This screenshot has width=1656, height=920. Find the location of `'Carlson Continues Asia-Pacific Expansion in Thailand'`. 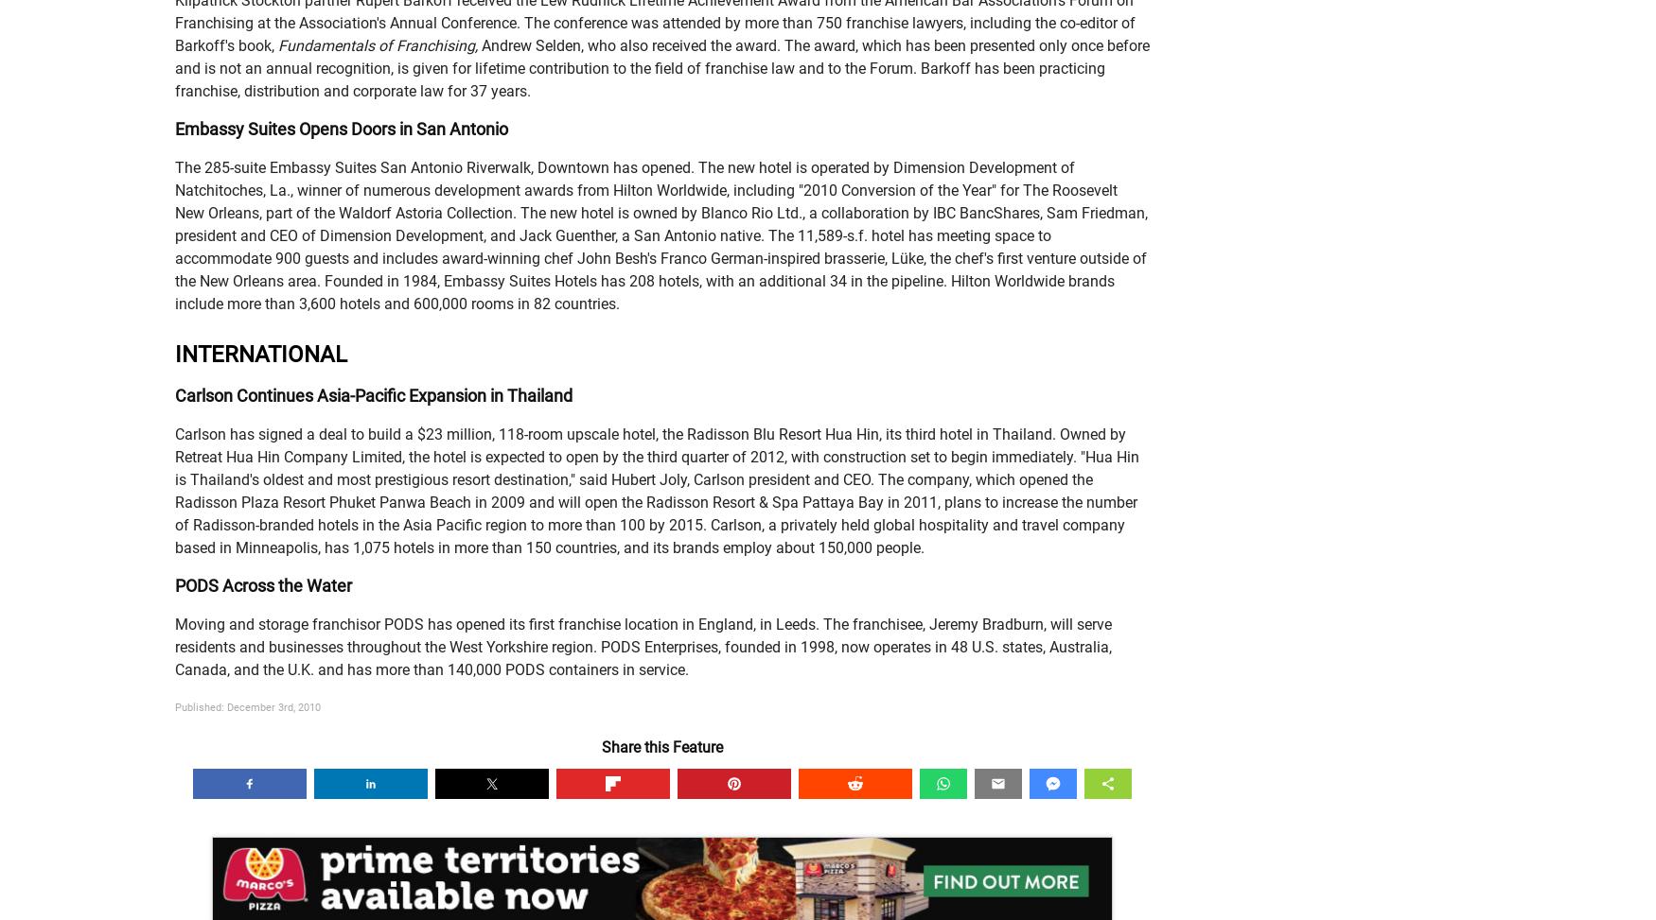

'Carlson Continues Asia-Pacific Expansion in Thailand' is located at coordinates (372, 395).